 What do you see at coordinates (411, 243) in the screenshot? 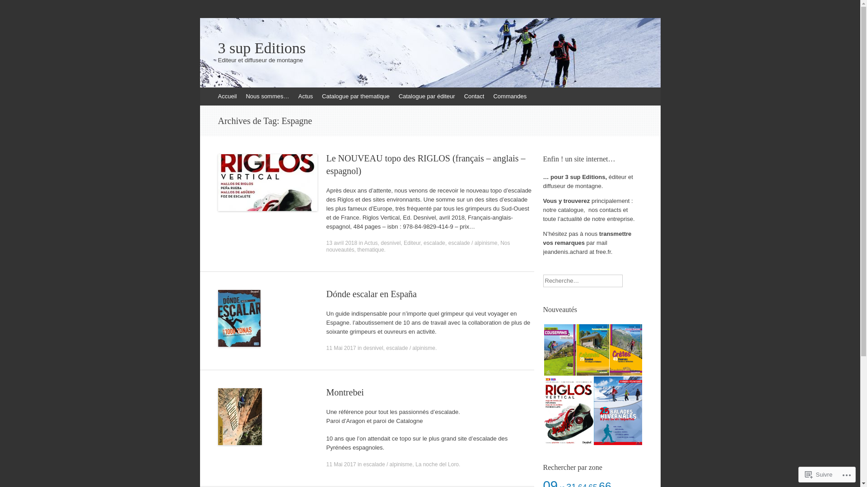
I see `'Editeur'` at bounding box center [411, 243].